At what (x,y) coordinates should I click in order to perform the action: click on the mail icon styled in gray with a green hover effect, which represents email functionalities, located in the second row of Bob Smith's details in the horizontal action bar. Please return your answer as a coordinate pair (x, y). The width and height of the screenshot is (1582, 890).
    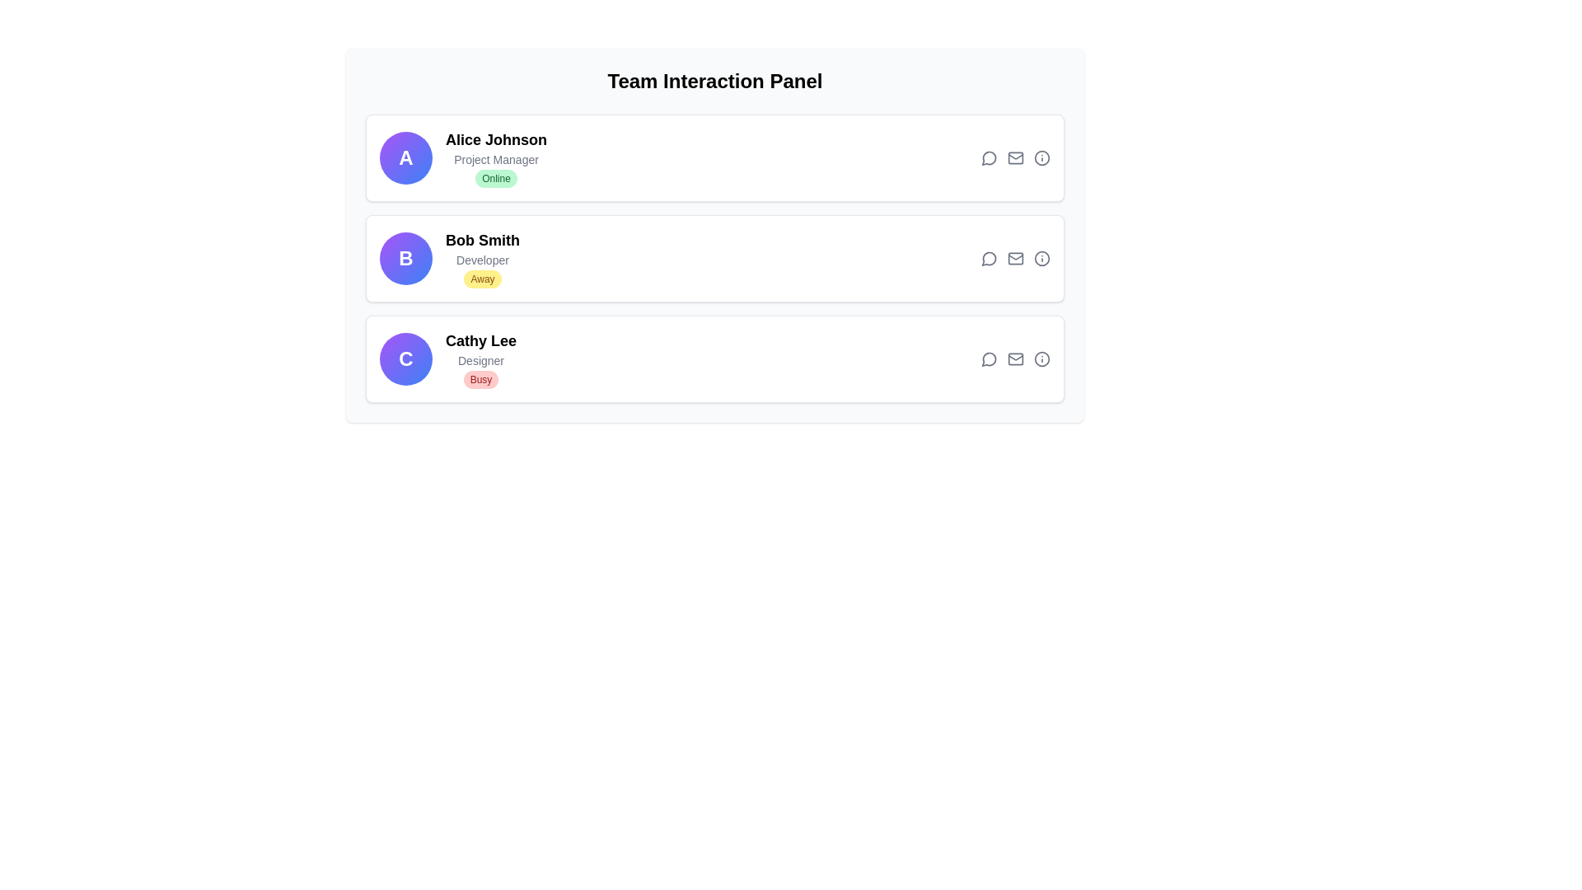
    Looking at the image, I should click on (1015, 258).